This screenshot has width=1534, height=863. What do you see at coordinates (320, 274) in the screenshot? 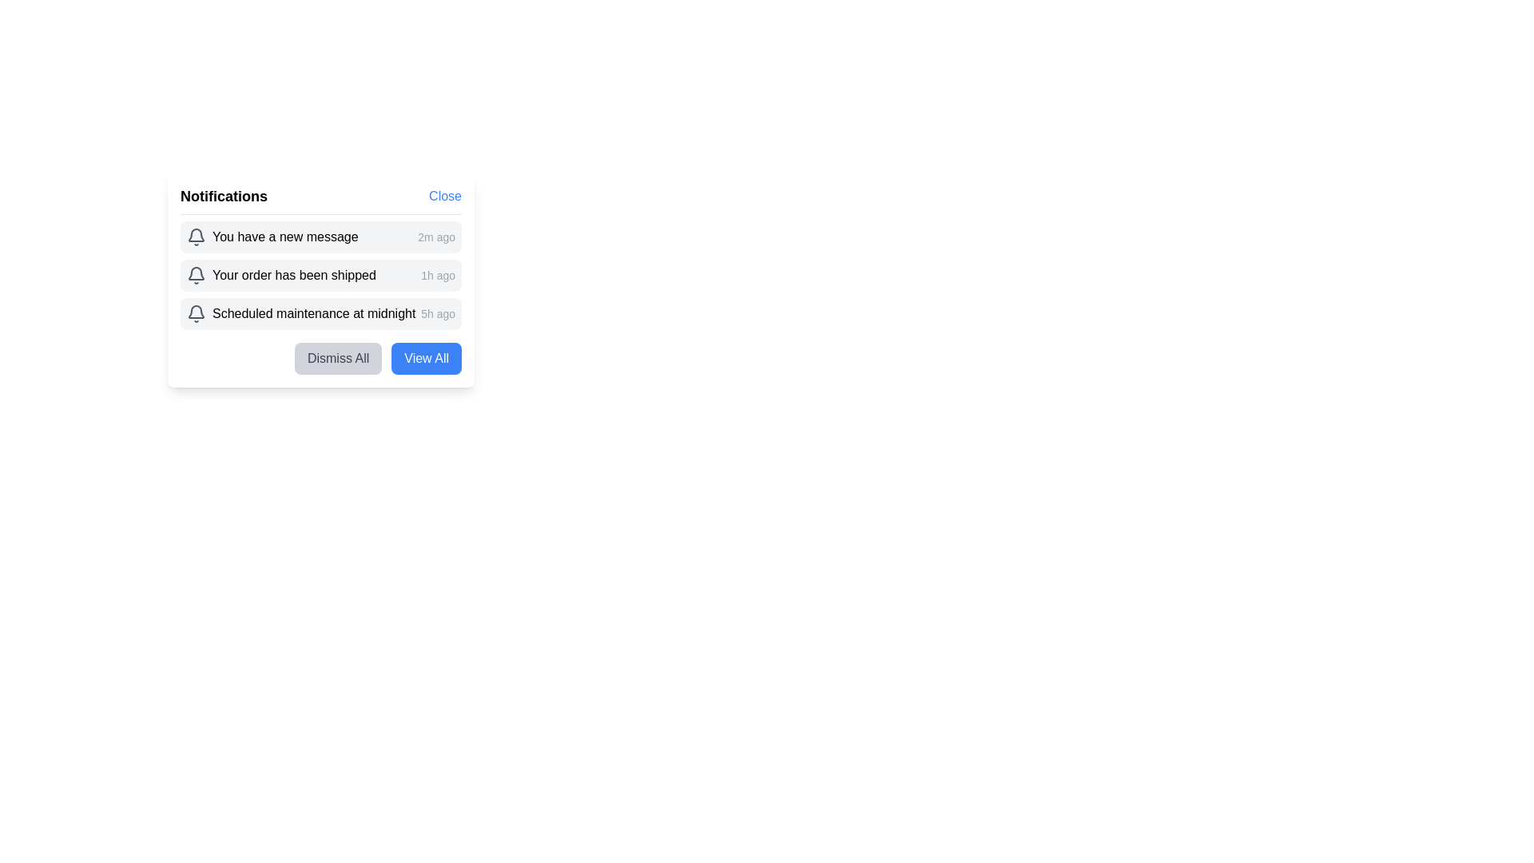
I see `the second notification indicating a shipping update for the user's order, which is located under the 'Notifications' heading` at bounding box center [320, 274].